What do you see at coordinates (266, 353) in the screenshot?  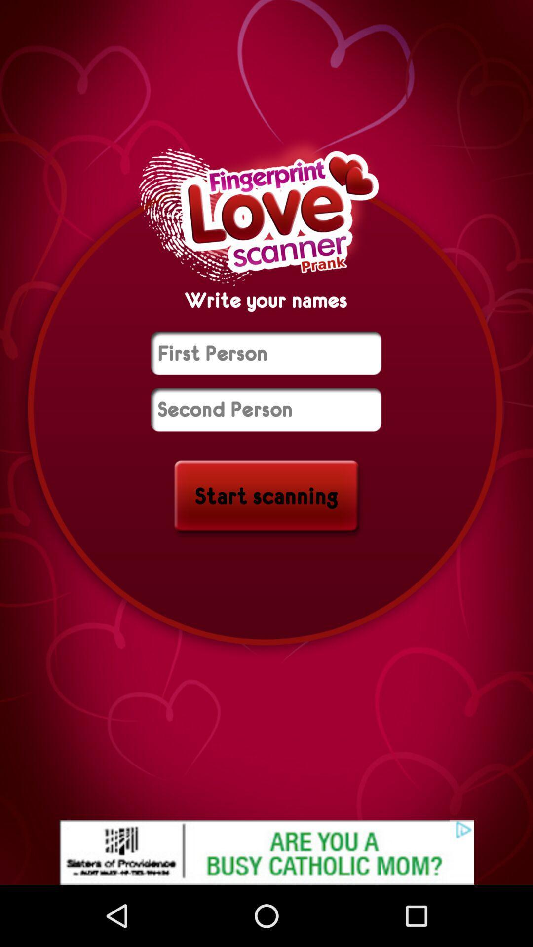 I see `name` at bounding box center [266, 353].